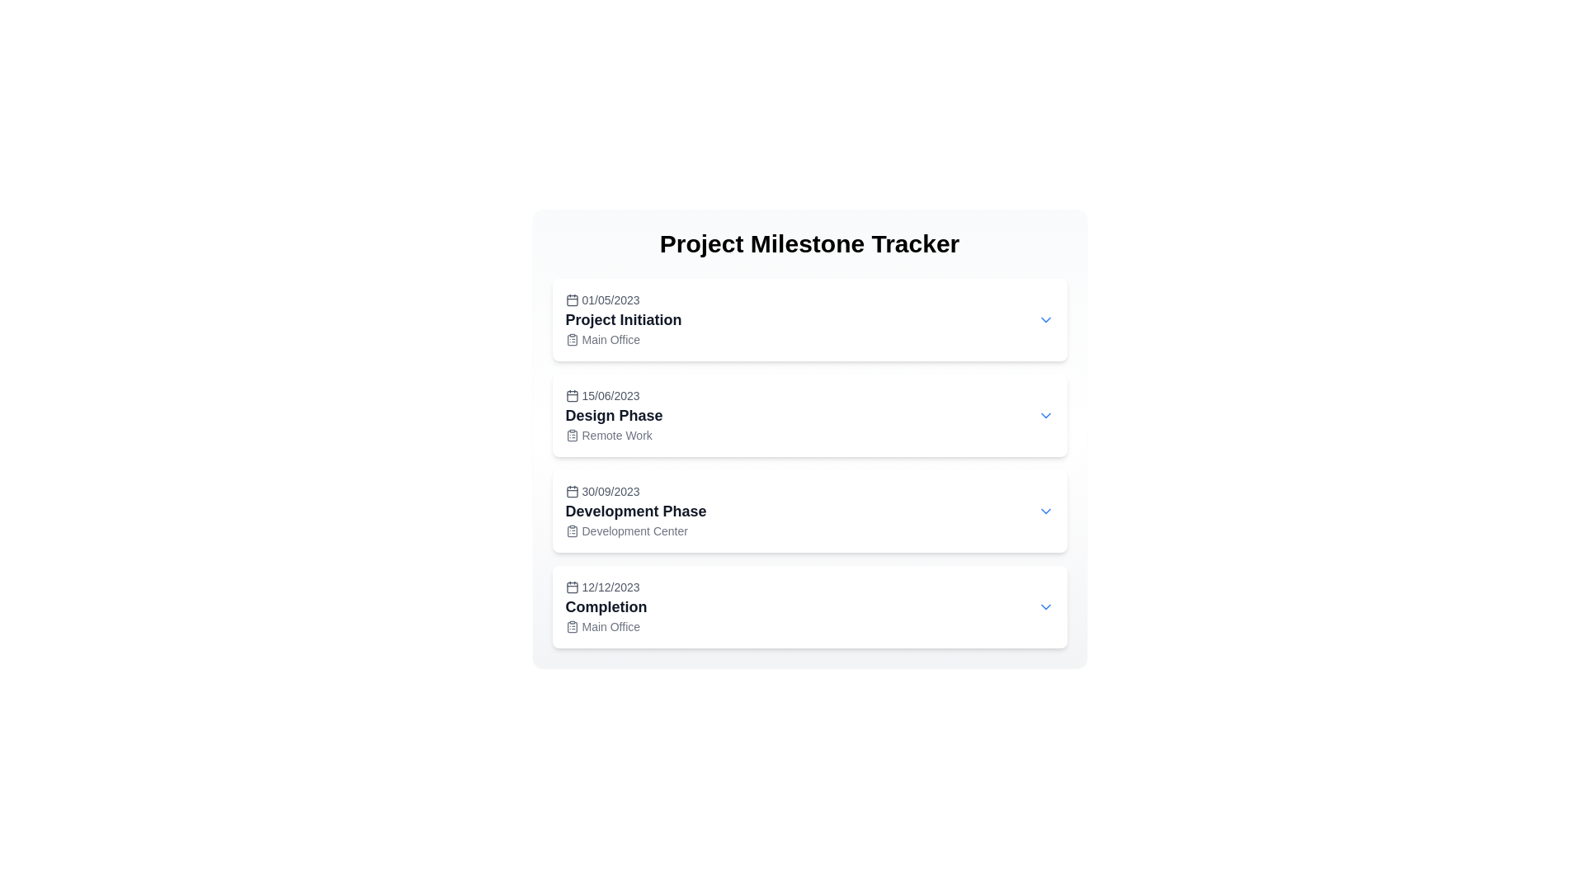 The image size is (1584, 891). Describe the element at coordinates (572, 299) in the screenshot. I see `the calendar icon located to the left of the date '01/05/2023' in the first row of the itemized project milestone tracker to initiate an action` at that location.